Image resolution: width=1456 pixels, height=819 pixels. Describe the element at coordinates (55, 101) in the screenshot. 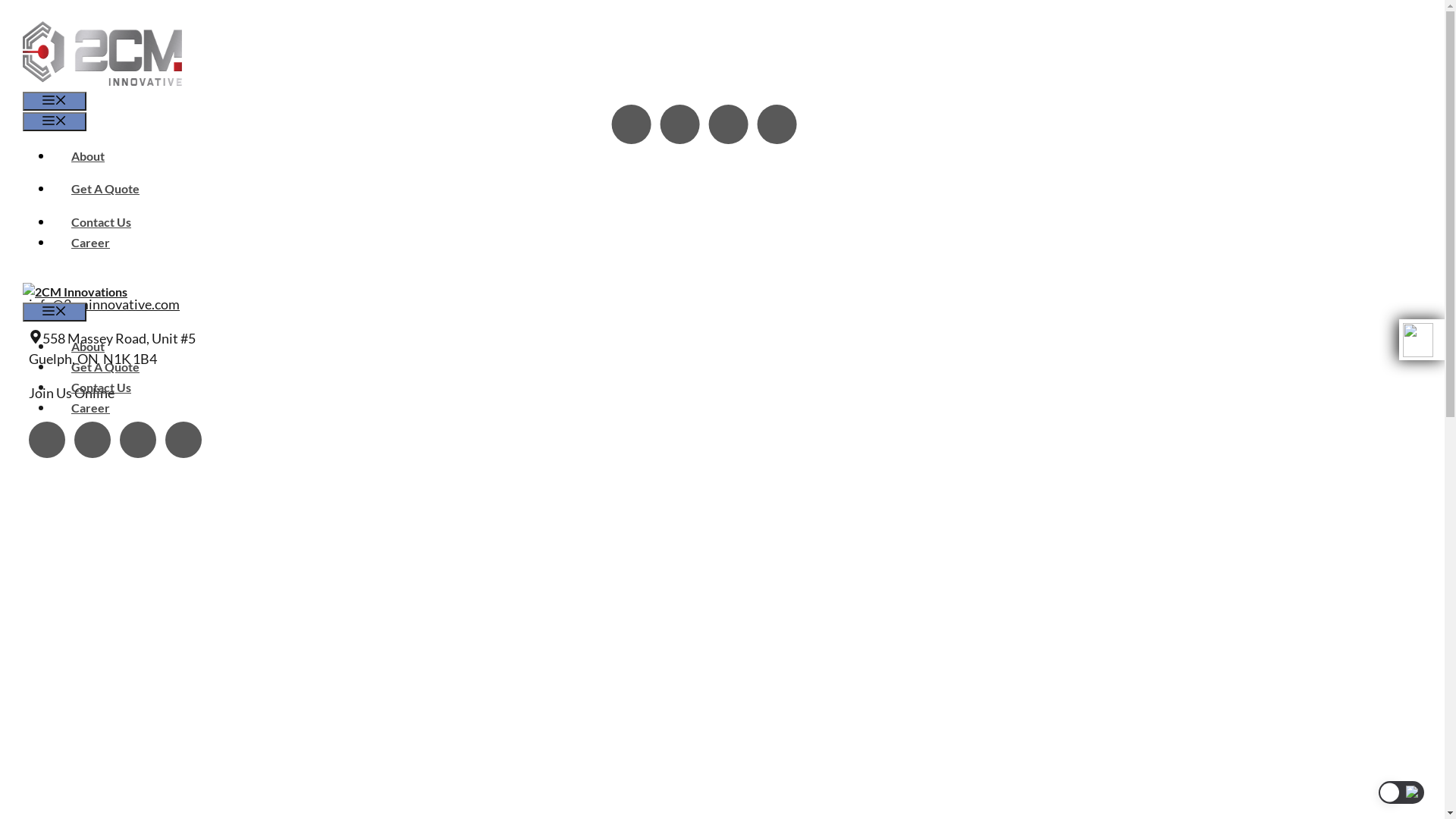

I see `'Menu'` at that location.